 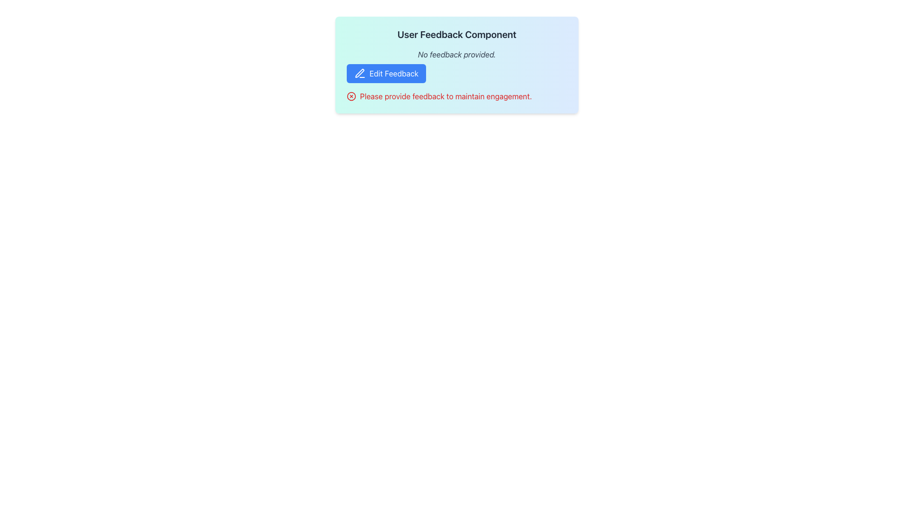 What do you see at coordinates (351, 96) in the screenshot?
I see `the red circular icon with a white cross inside, which is located next` at bounding box center [351, 96].